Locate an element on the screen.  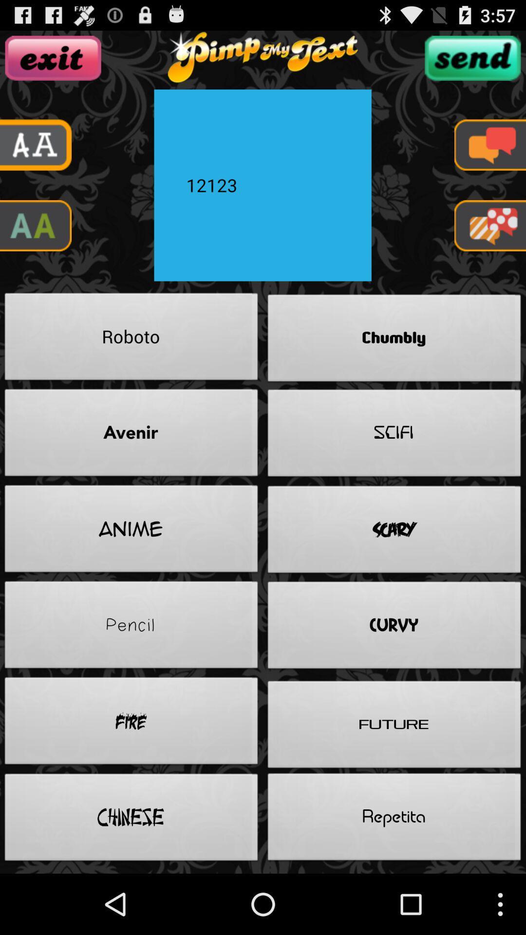
send message is located at coordinates (472, 57).